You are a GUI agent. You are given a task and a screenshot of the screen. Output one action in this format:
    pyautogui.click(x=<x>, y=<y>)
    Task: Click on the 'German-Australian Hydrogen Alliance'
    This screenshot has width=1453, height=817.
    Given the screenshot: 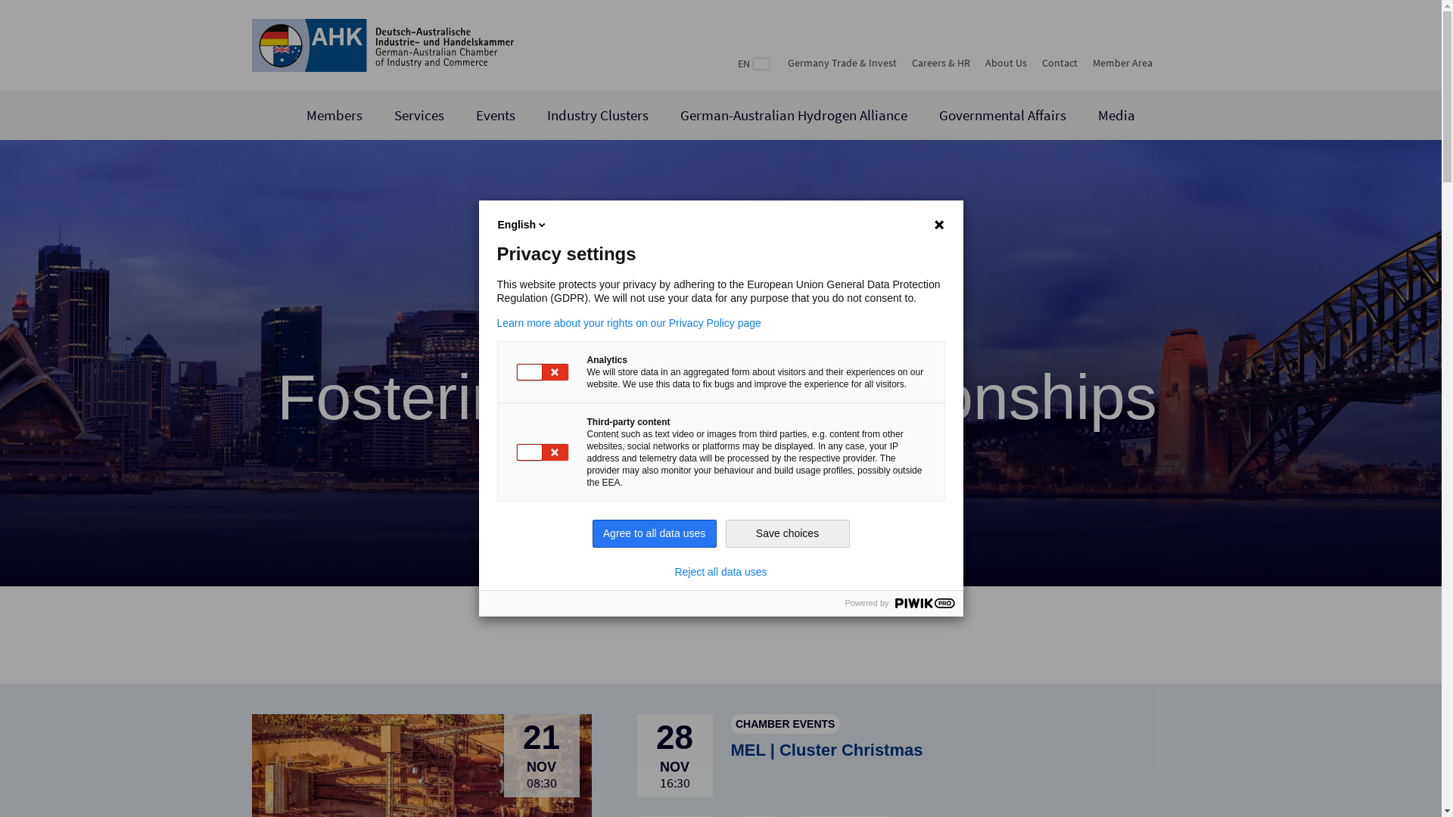 What is the action you would take?
    pyautogui.click(x=793, y=114)
    